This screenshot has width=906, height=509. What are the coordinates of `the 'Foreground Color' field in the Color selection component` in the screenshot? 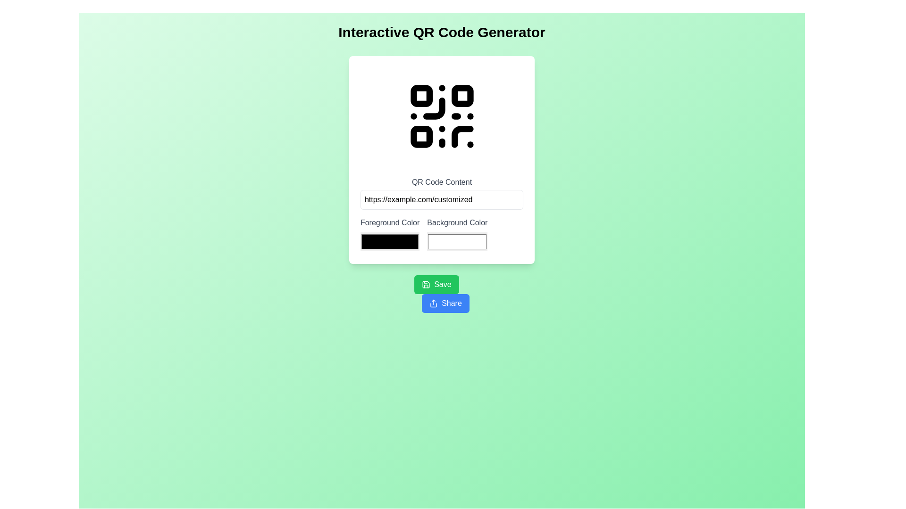 It's located at (441, 234).